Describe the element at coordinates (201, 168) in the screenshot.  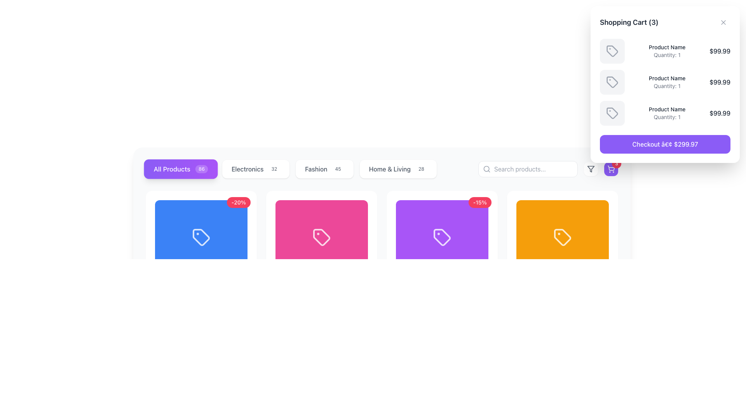
I see `count displayed on the small badge with the number '86' that is located to the right of the text 'All Products' within the purple button-like element` at that location.